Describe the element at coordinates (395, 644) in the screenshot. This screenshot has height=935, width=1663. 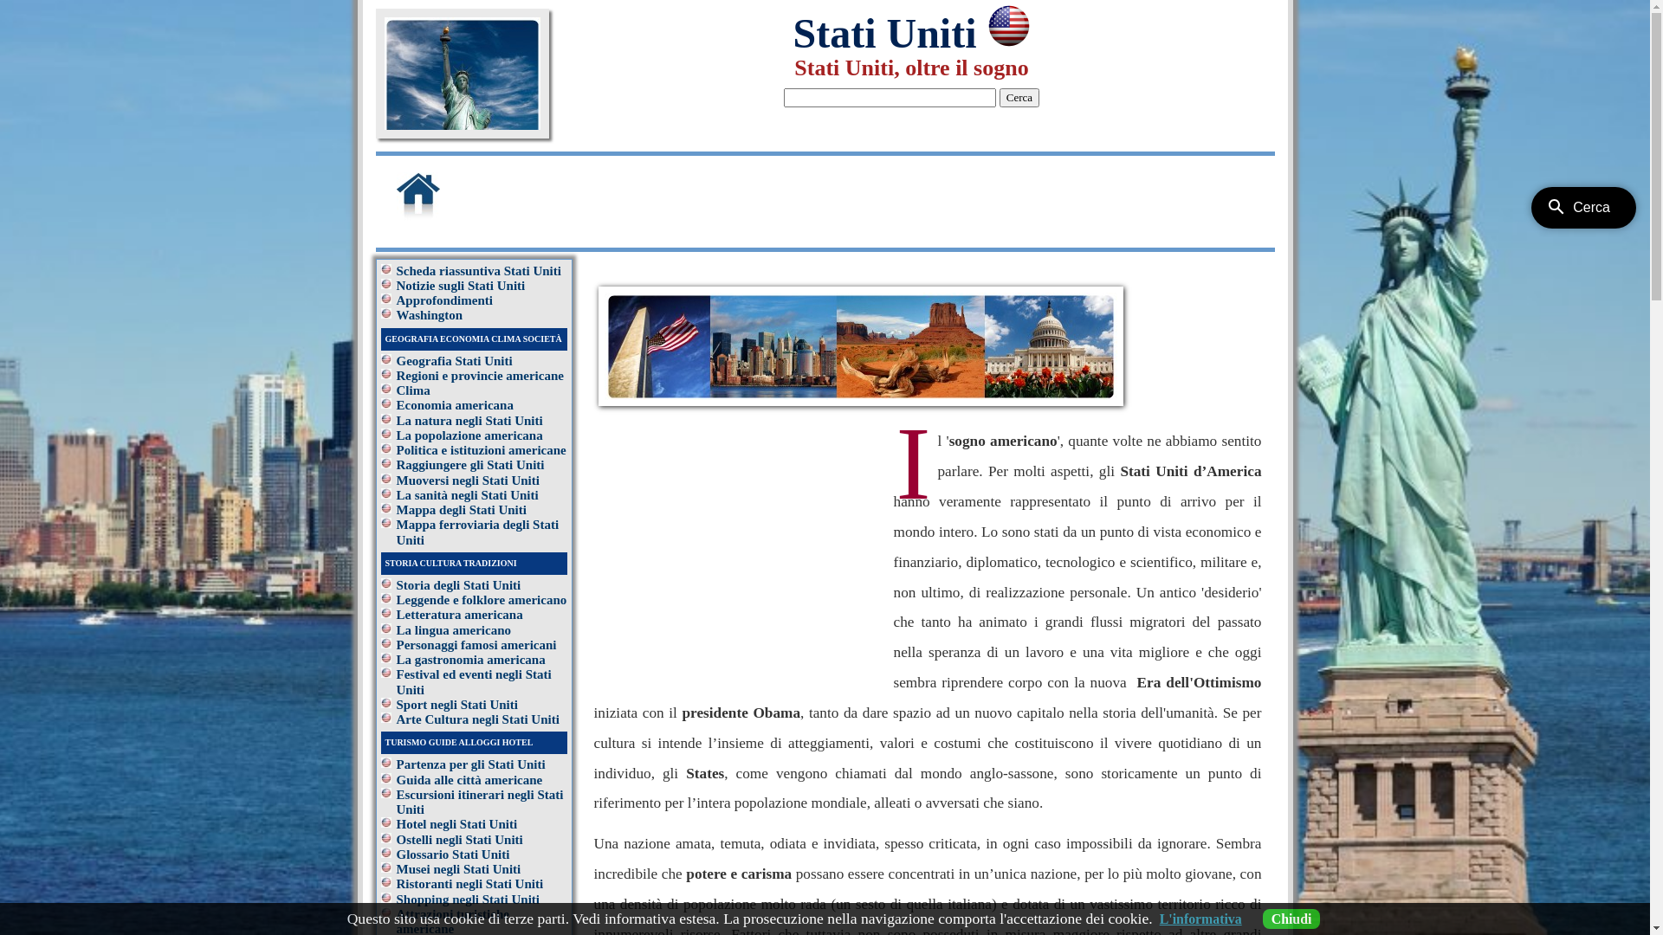
I see `'Personaggi famosi americani'` at that location.